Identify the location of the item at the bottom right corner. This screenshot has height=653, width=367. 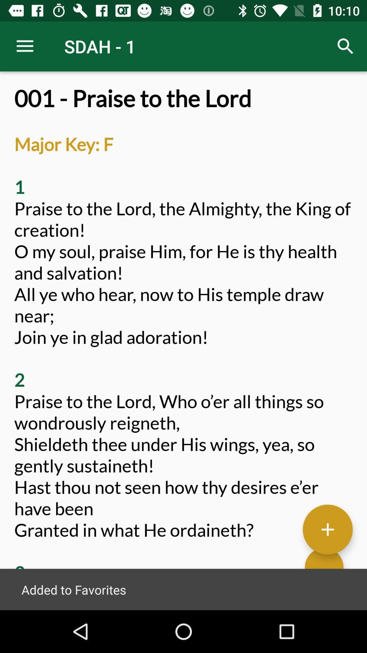
(327, 529).